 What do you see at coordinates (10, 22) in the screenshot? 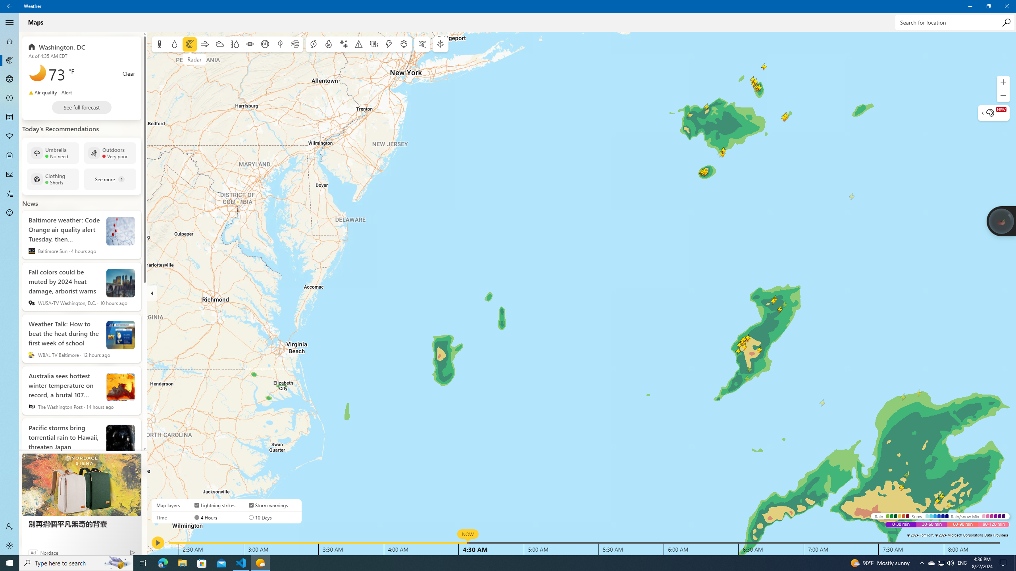
I see `'Collapse Navigation'` at bounding box center [10, 22].